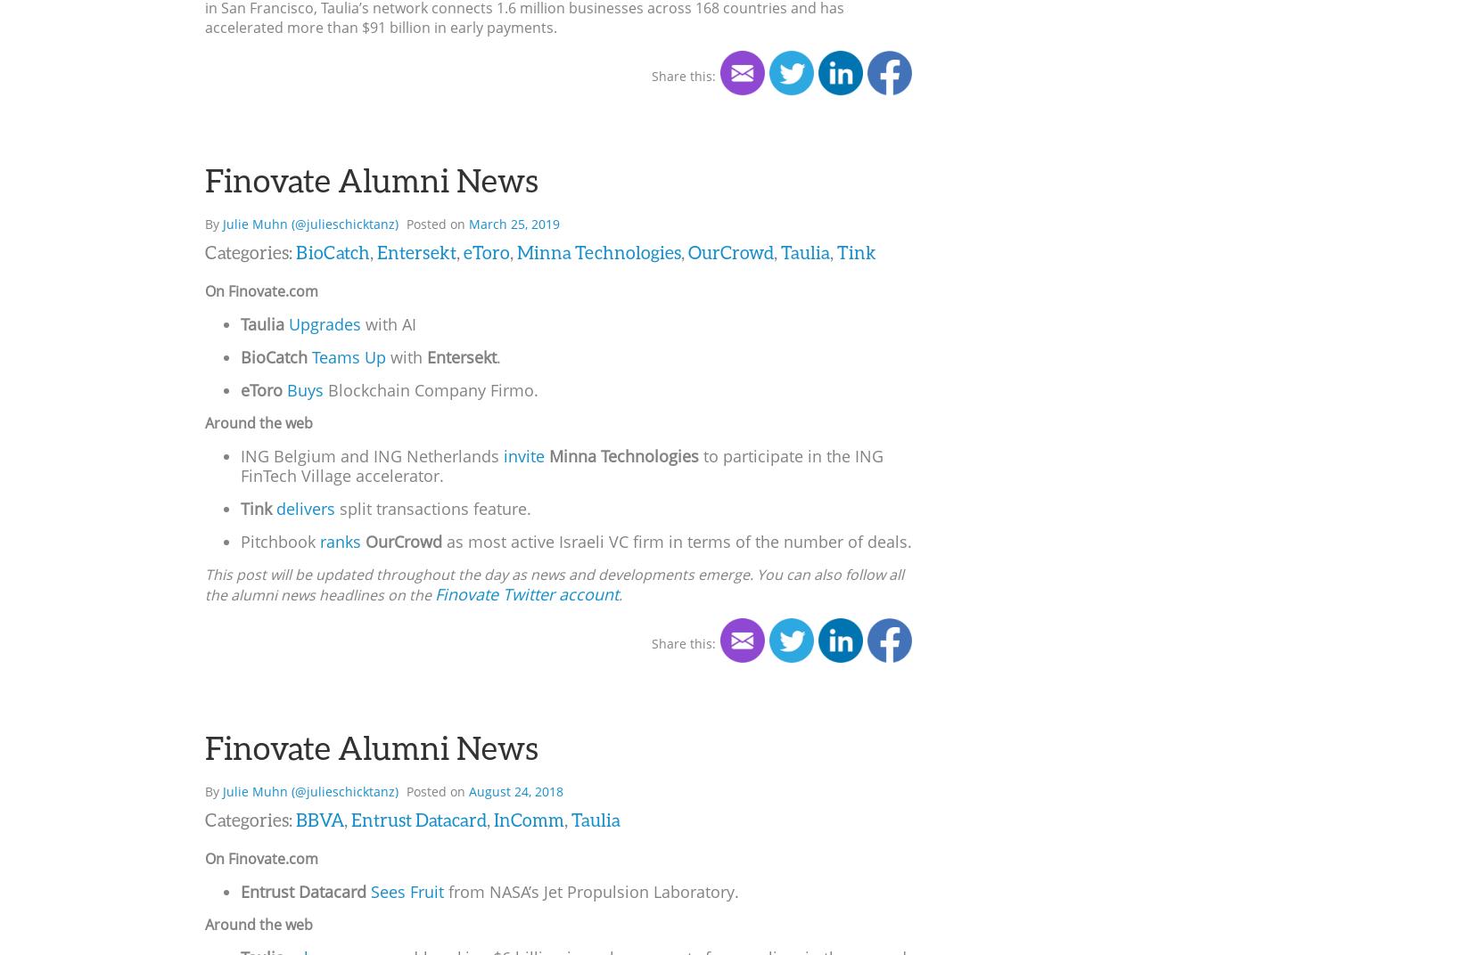 The width and height of the screenshot is (1471, 955). Describe the element at coordinates (430, 388) in the screenshot. I see `'Blockchain Company Firmo.'` at that location.